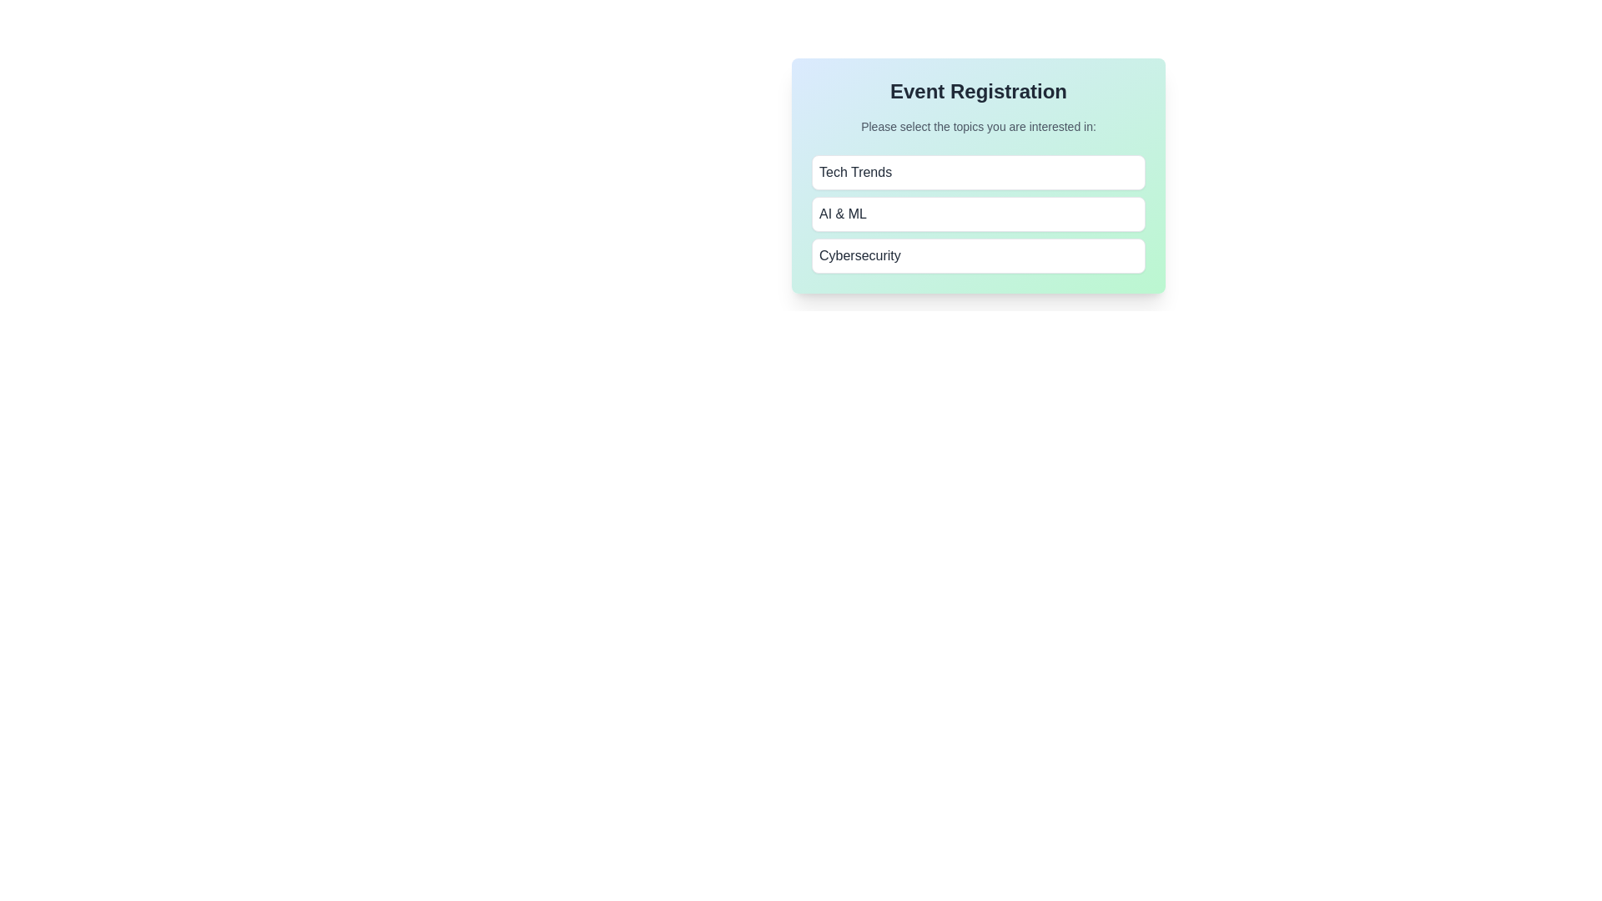 The width and height of the screenshot is (1602, 901). What do you see at coordinates (978, 173) in the screenshot?
I see `the button corresponding to the topic Tech Trends to toggle its selection` at bounding box center [978, 173].